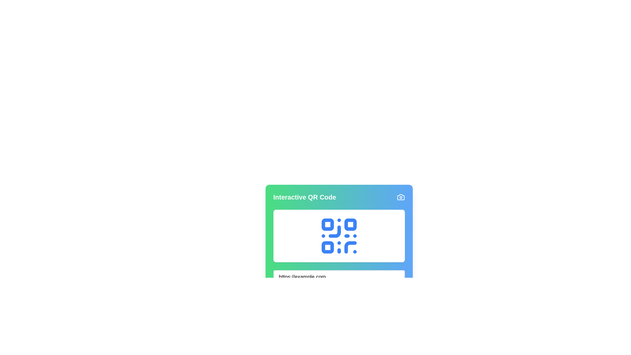 This screenshot has width=631, height=355. What do you see at coordinates (350, 247) in the screenshot?
I see `the small curve detail in the bottom-right corner of the QR code graphic` at bounding box center [350, 247].